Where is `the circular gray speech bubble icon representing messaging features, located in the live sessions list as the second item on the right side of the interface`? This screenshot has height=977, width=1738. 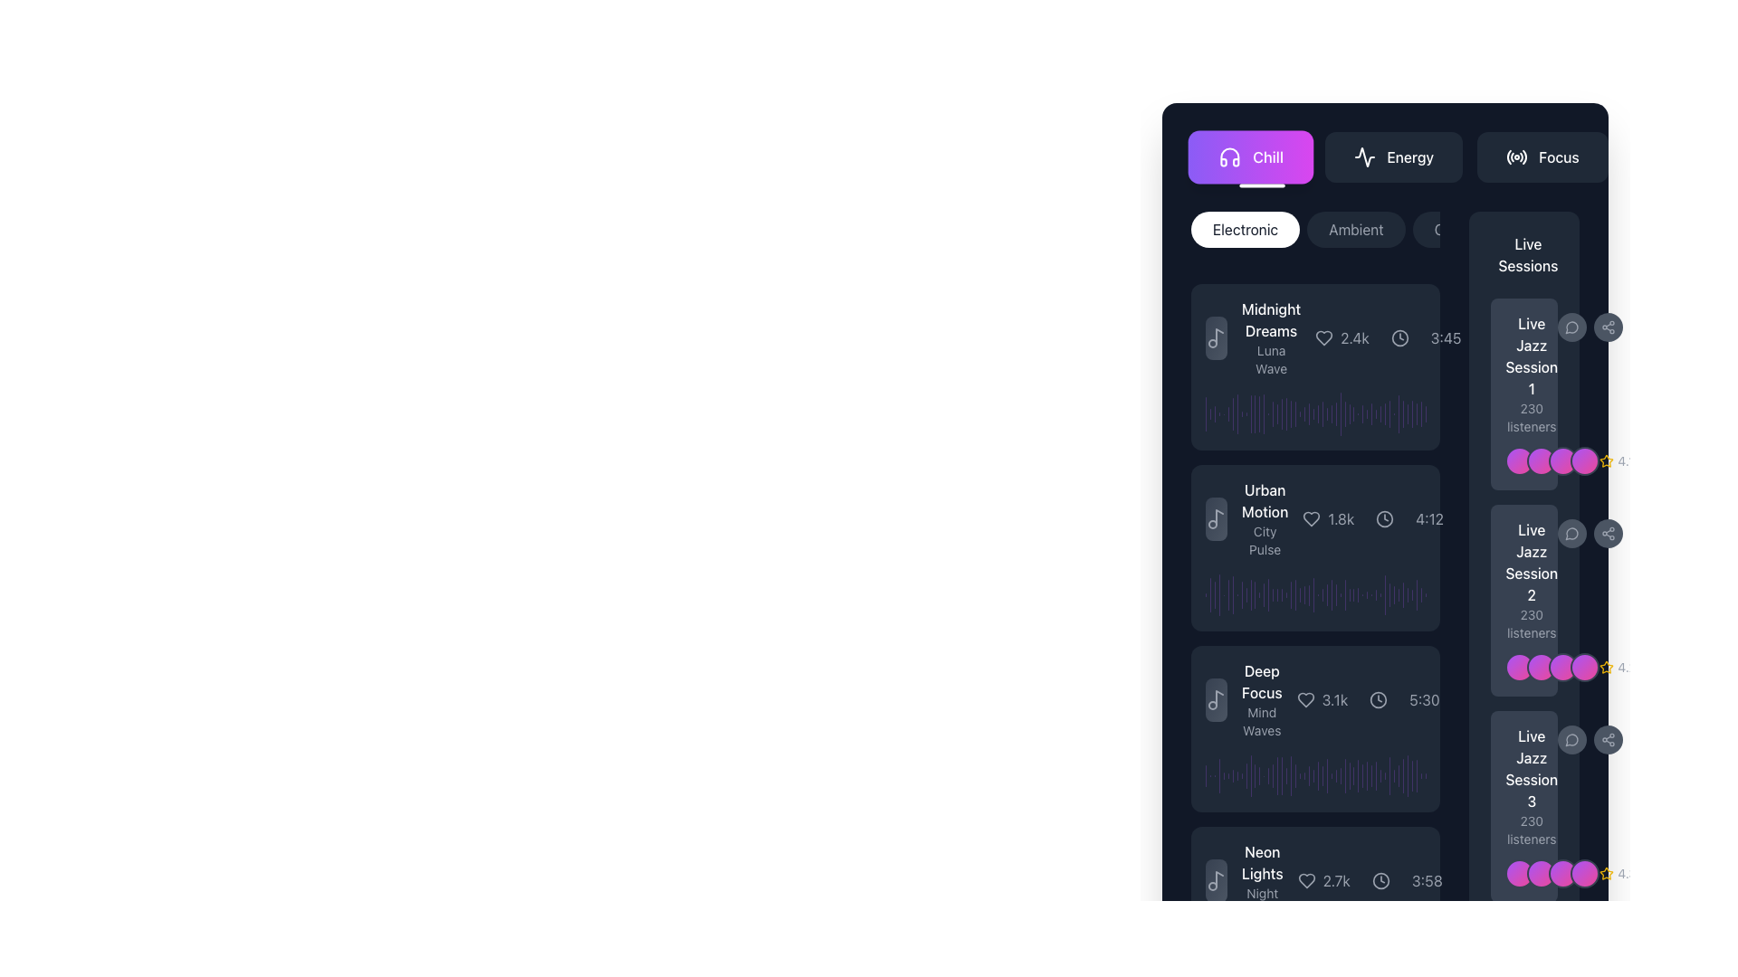 the circular gray speech bubble icon representing messaging features, located in the live sessions list as the second item on the right side of the interface is located at coordinates (1571, 533).